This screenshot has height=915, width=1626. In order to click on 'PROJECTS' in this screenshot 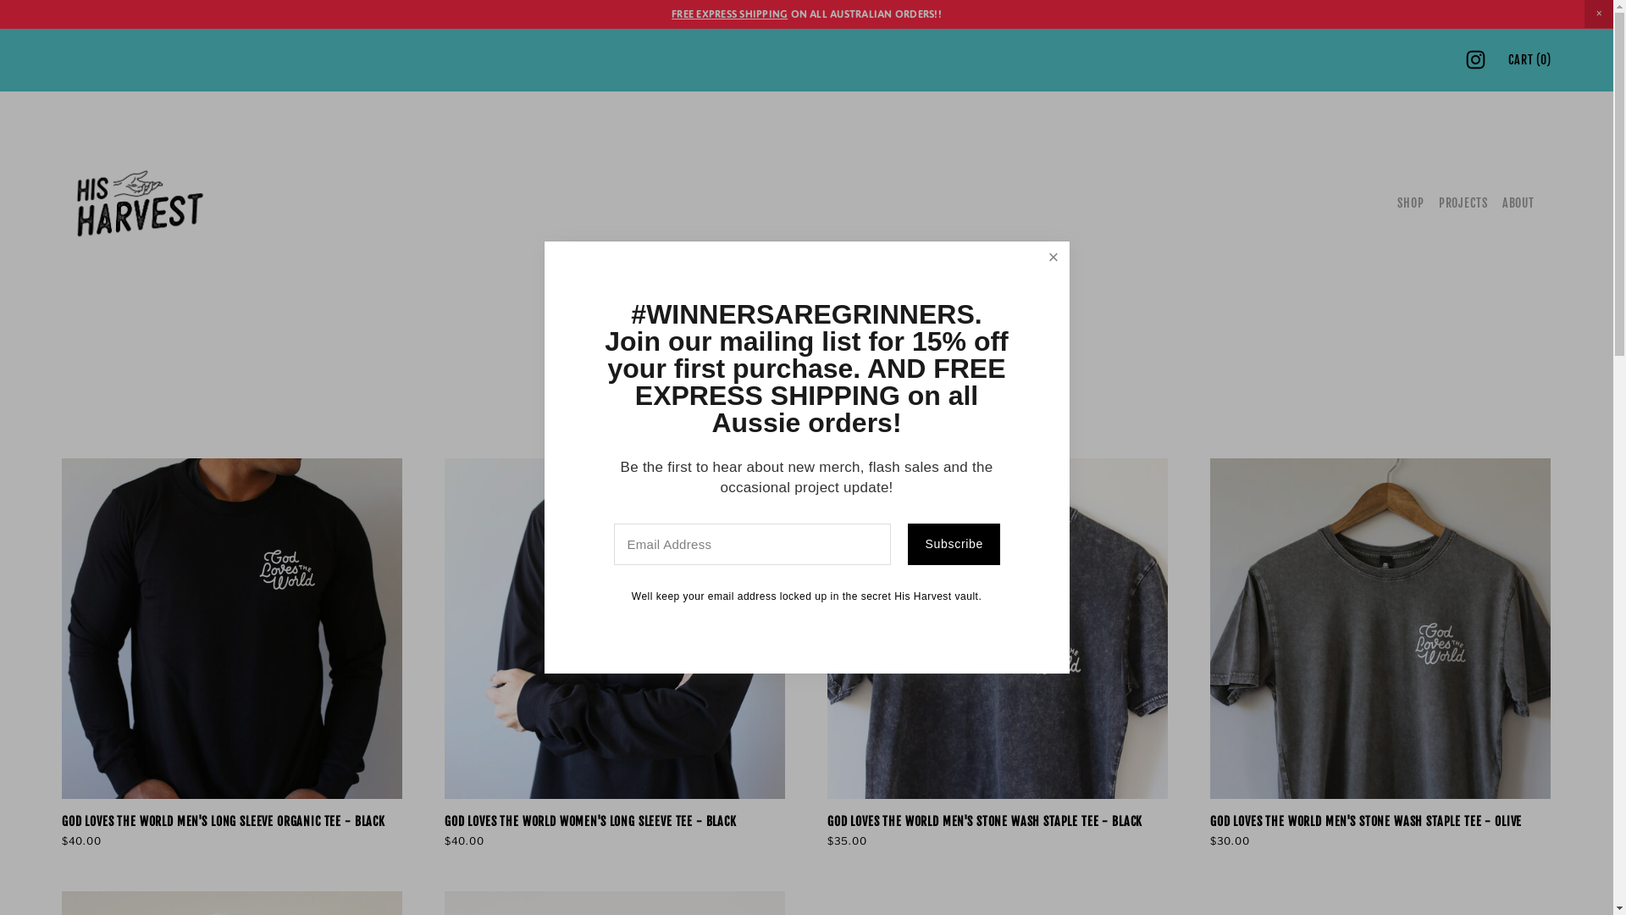, I will do `click(1463, 202)`.